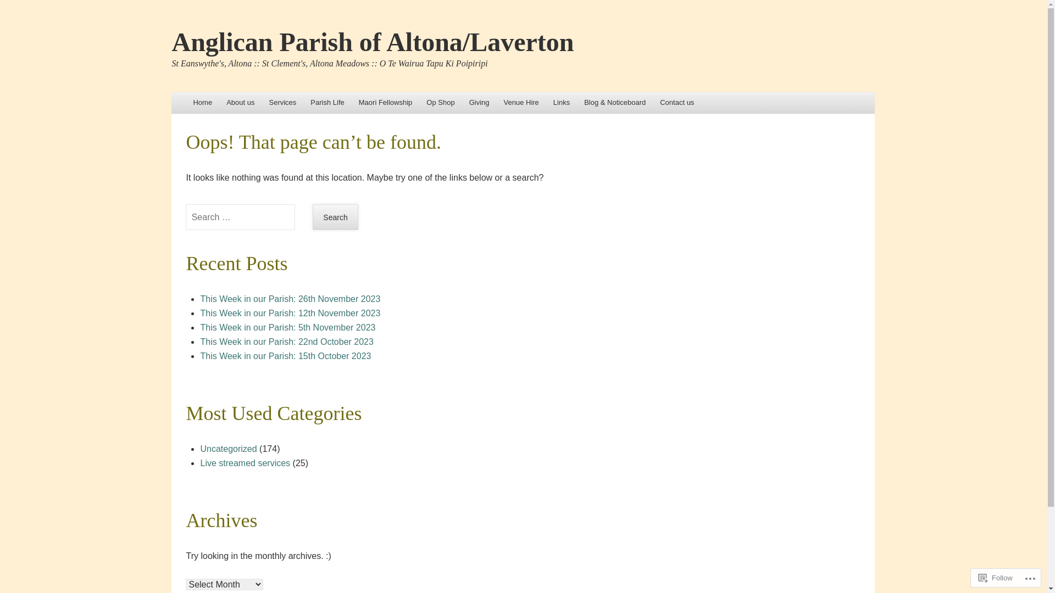 Image resolution: width=1055 pixels, height=593 pixels. I want to click on 'Follow', so click(996, 577).